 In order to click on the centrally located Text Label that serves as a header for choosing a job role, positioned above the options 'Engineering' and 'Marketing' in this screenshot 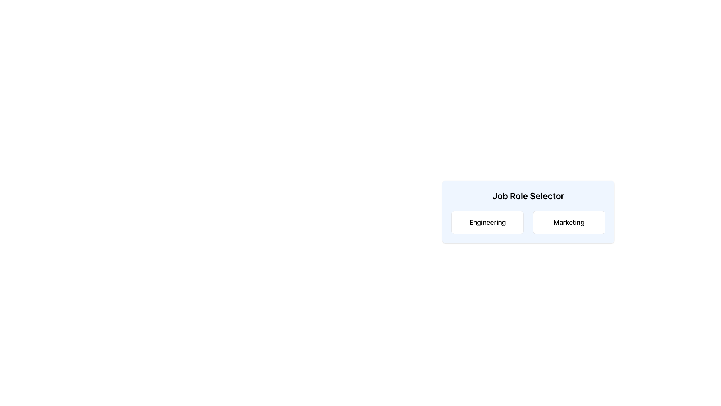, I will do `click(528, 195)`.